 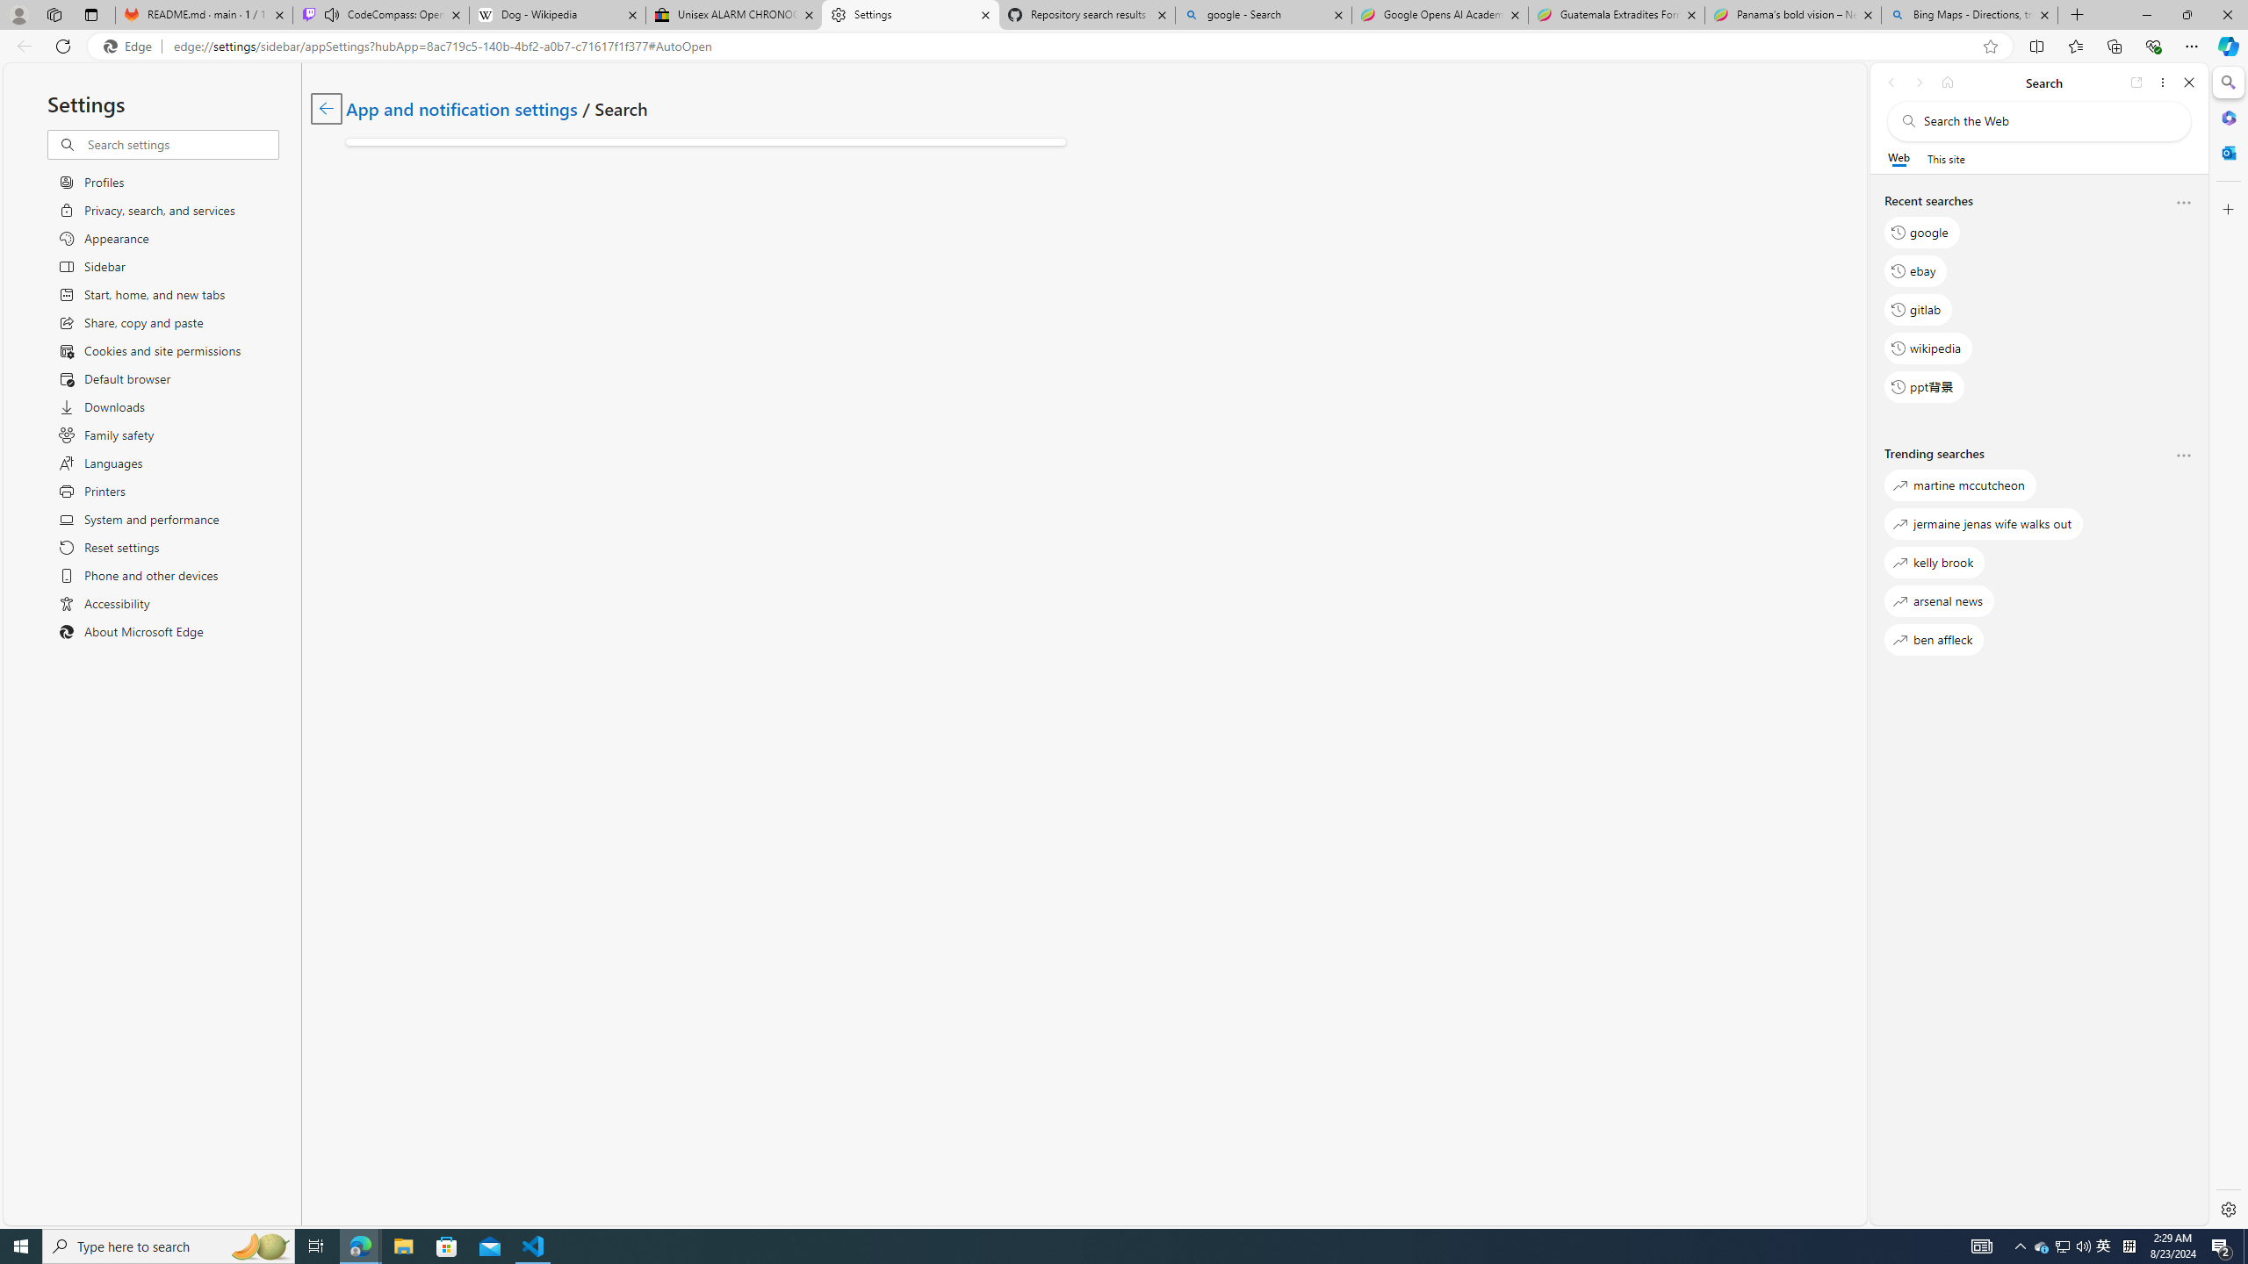 What do you see at coordinates (325, 108) in the screenshot?
I see `'Go back to App and notification settings page.'` at bounding box center [325, 108].